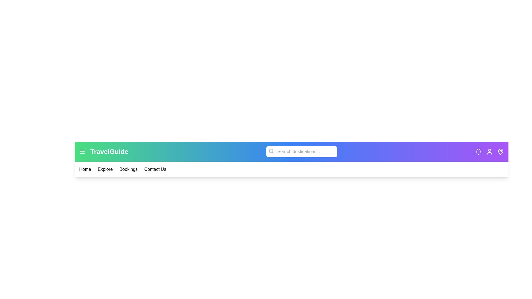  I want to click on the menu item Bookings from the navigation bar, so click(128, 169).